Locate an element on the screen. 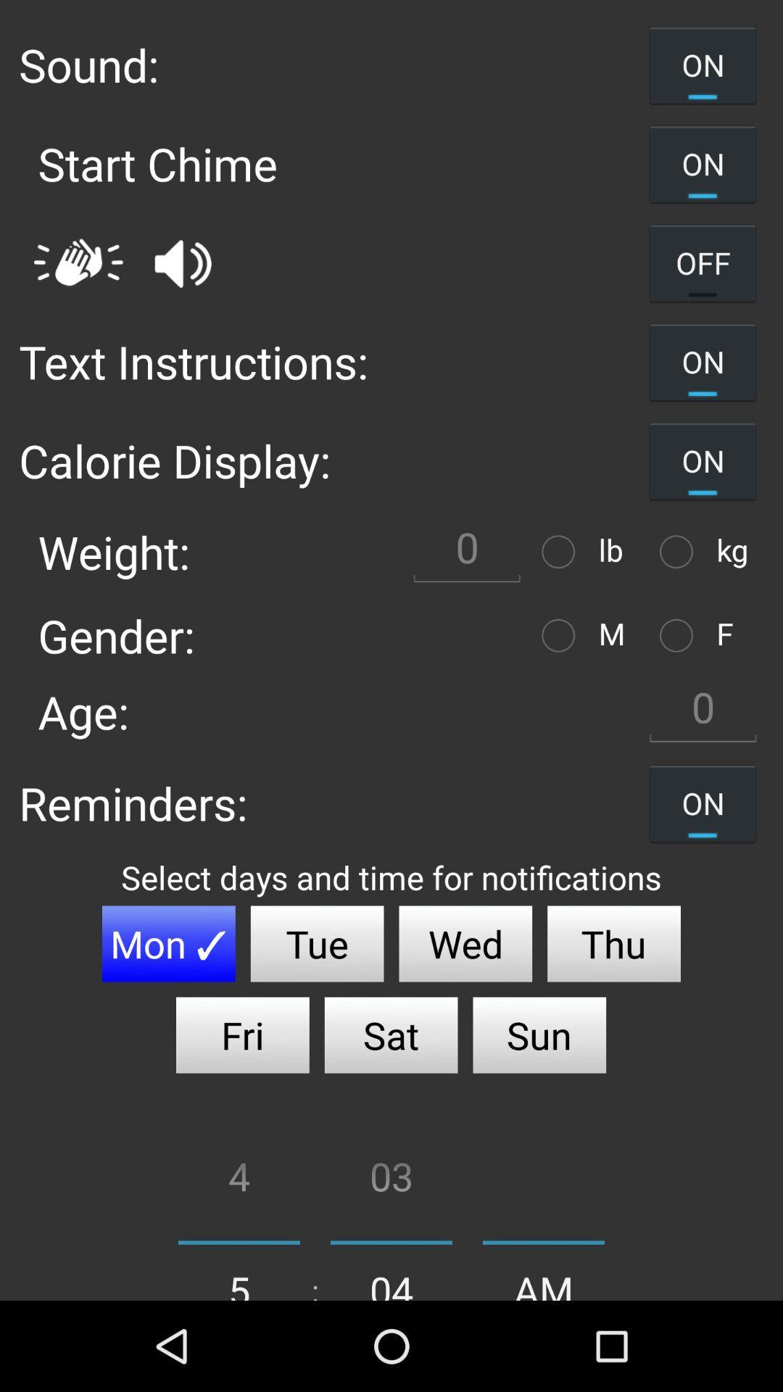 Image resolution: width=783 pixels, height=1392 pixels. check options male is located at coordinates (561, 635).